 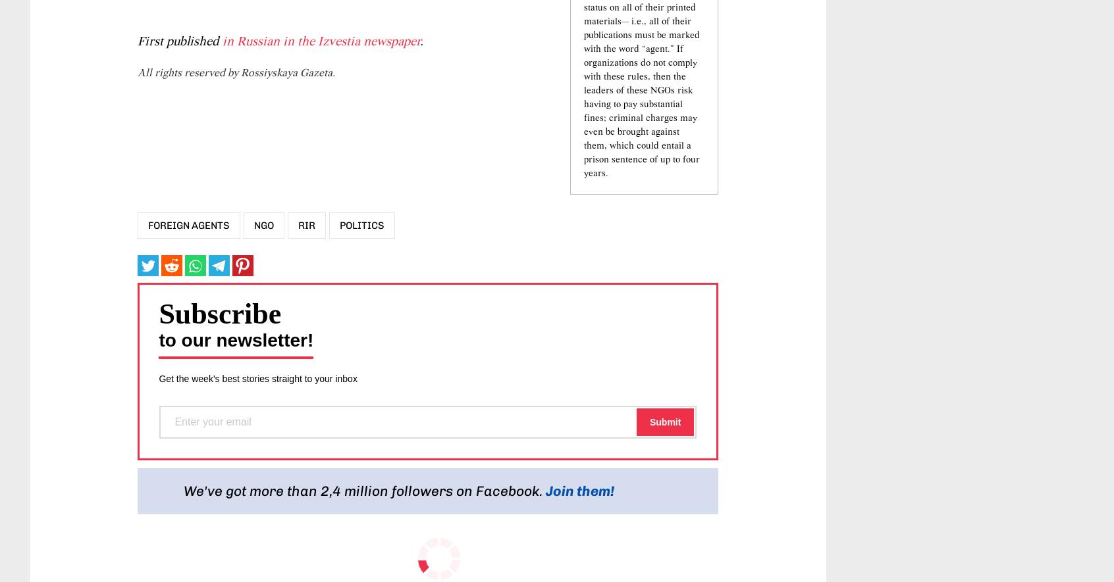 I want to click on 'Join them!', so click(x=579, y=569).